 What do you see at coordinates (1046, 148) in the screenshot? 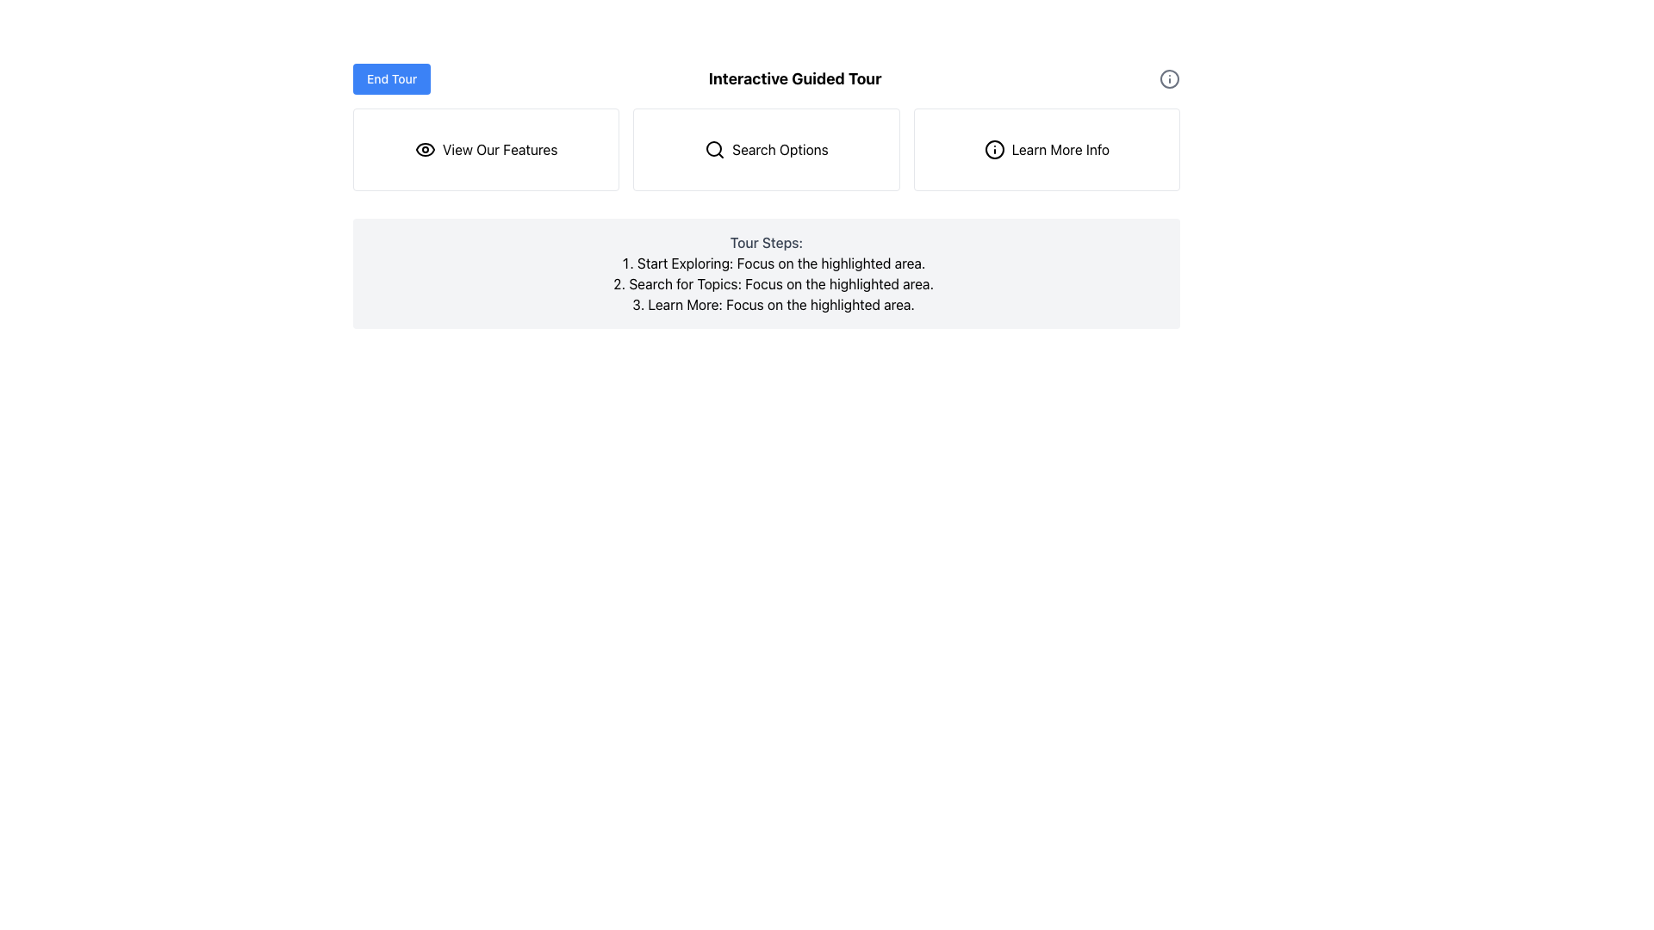
I see `the third button in a row of three, located below the 'Interactive Guided Tour' title` at bounding box center [1046, 148].